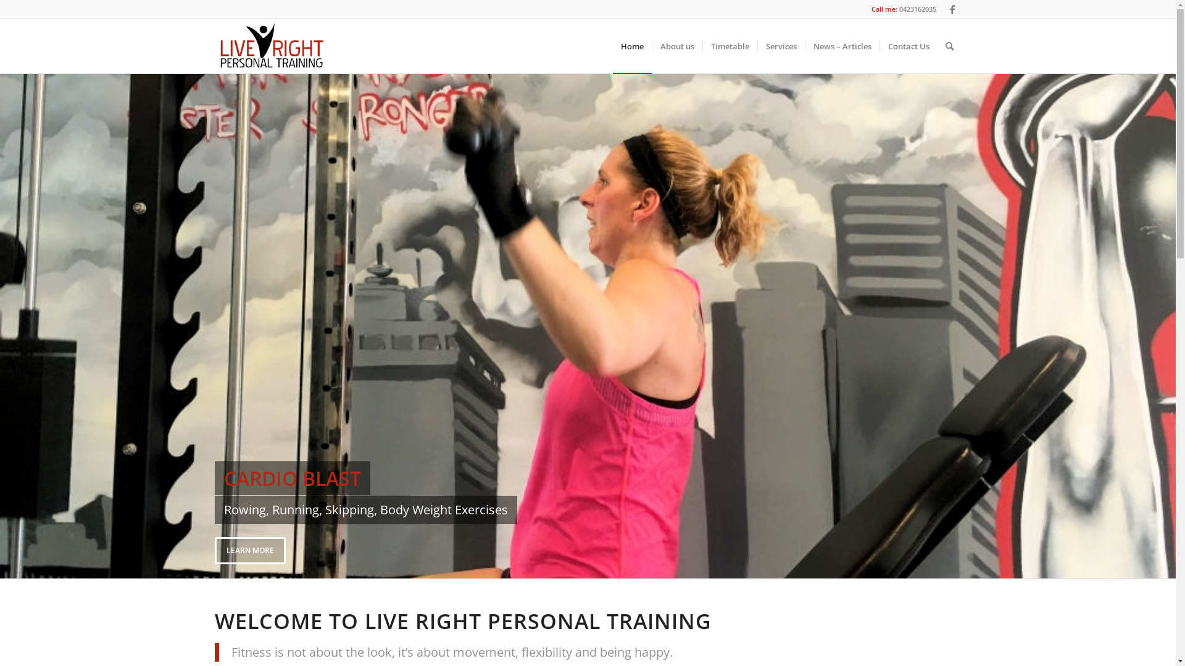 This screenshot has width=1185, height=666. I want to click on 'Facebook', so click(951, 9).